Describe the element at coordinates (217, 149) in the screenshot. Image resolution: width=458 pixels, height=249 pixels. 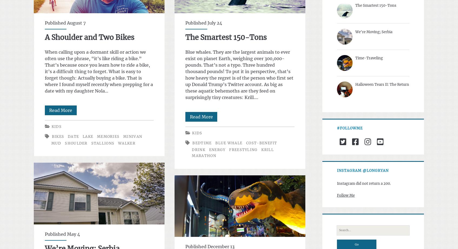
I see `'energy'` at that location.